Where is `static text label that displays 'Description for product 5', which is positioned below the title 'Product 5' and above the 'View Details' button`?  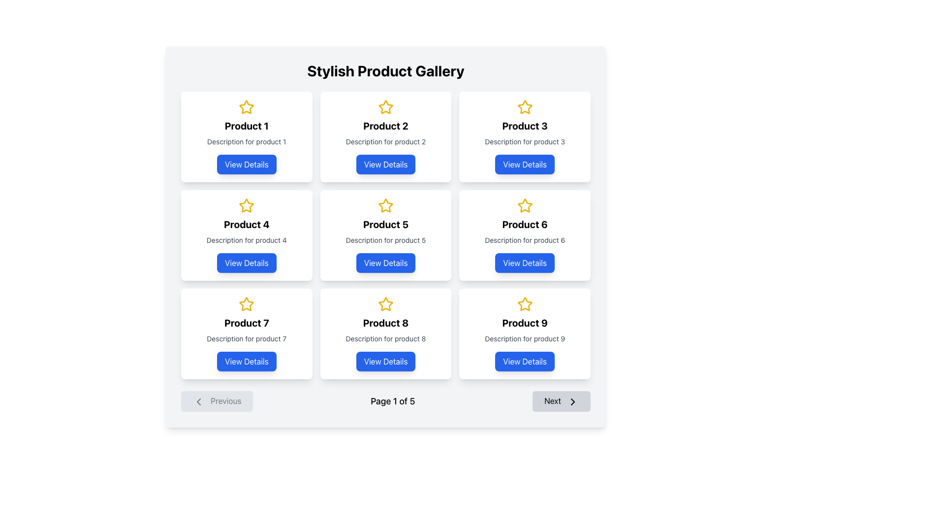 static text label that displays 'Description for product 5', which is positioned below the title 'Product 5' and above the 'View Details' button is located at coordinates (385, 240).